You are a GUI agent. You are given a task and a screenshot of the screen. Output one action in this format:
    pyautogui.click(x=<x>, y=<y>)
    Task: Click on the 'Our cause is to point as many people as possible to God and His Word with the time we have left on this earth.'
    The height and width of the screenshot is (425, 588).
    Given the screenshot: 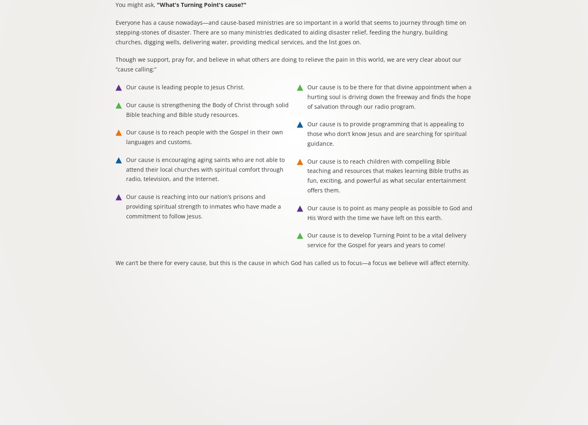 What is the action you would take?
    pyautogui.click(x=389, y=212)
    